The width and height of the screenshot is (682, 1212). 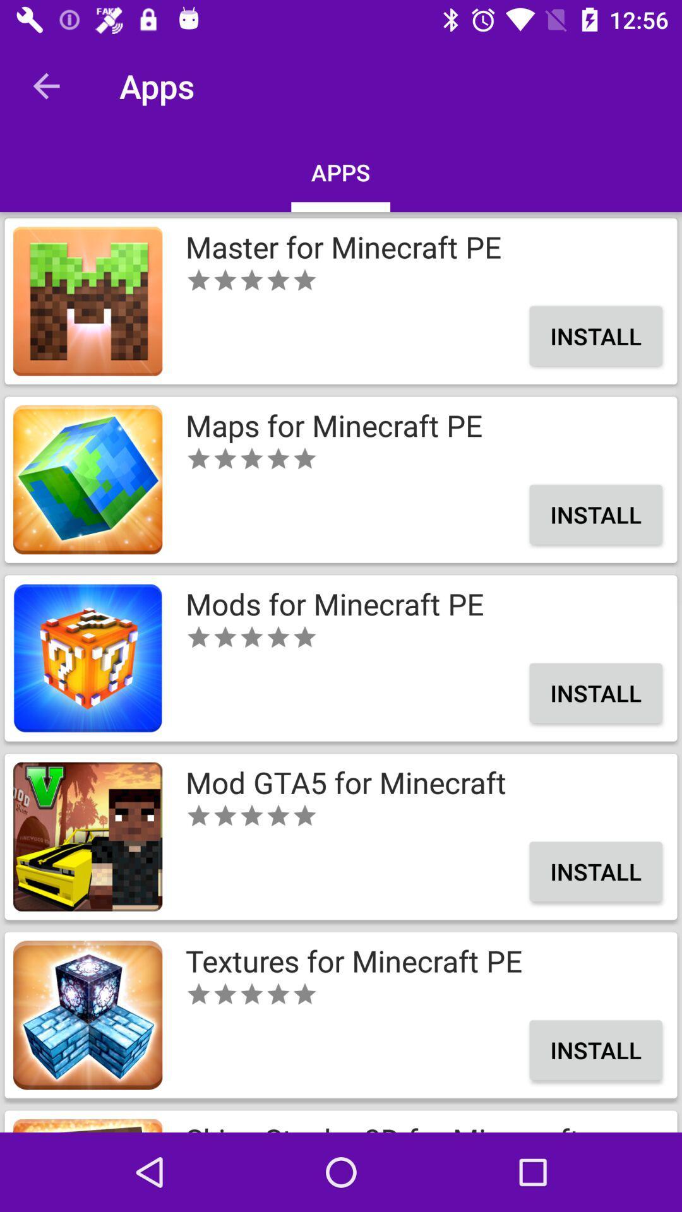 I want to click on the app to the left of apps icon, so click(x=45, y=85).